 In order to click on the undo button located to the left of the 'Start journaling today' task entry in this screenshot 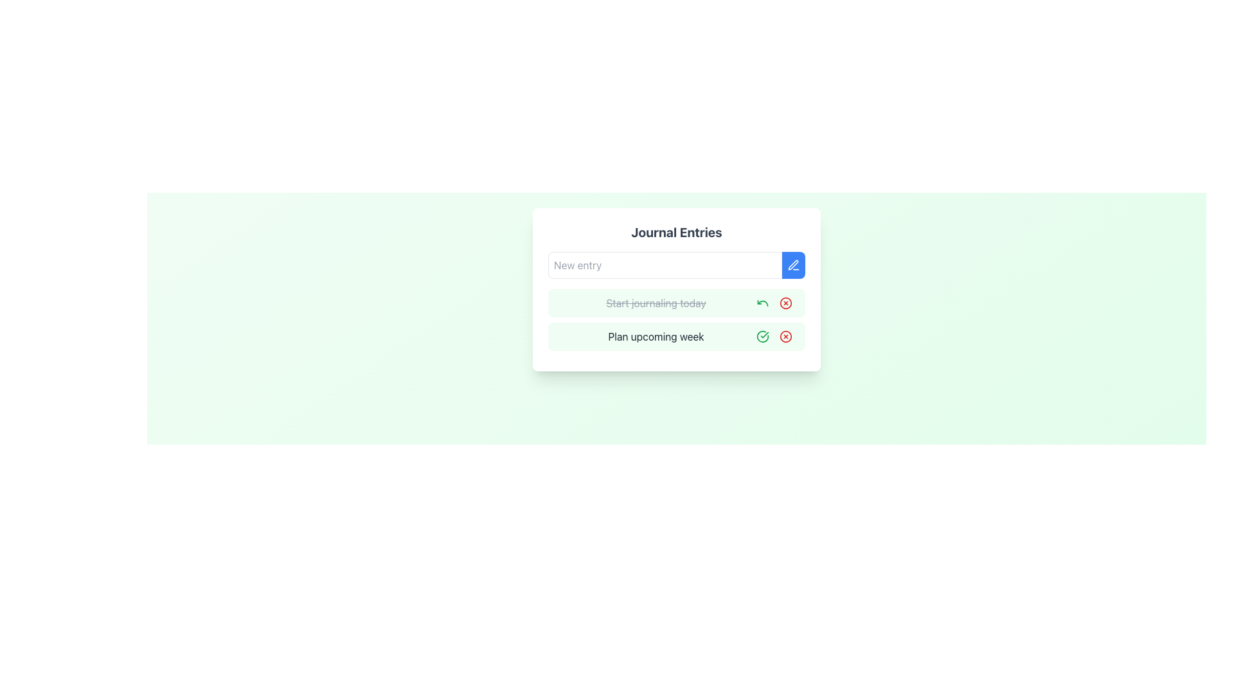, I will do `click(762, 303)`.